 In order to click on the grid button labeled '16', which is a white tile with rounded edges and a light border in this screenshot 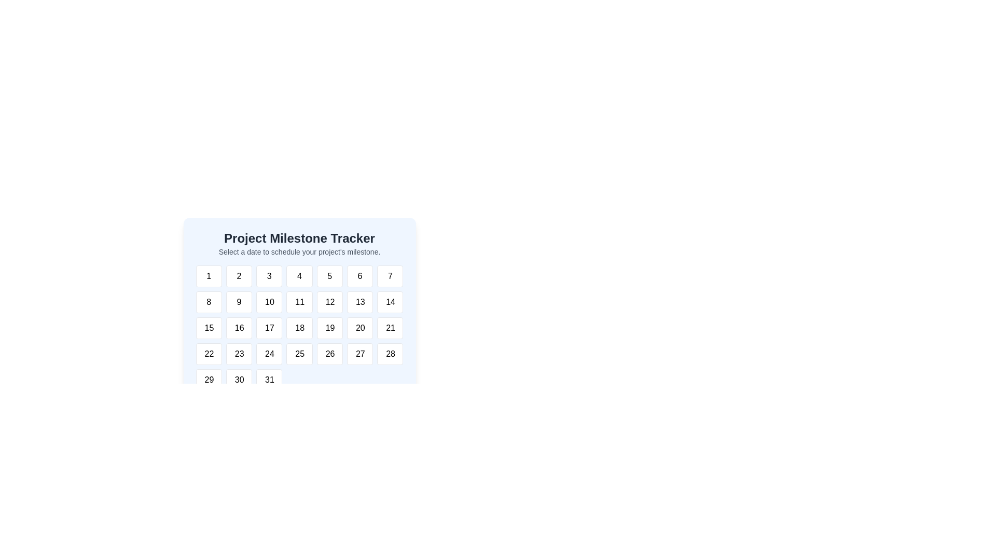, I will do `click(238, 328)`.